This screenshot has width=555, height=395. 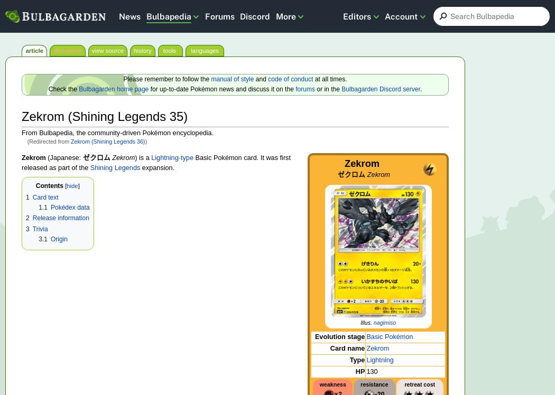 What do you see at coordinates (367, 322) in the screenshot?
I see `'Illus.'` at bounding box center [367, 322].